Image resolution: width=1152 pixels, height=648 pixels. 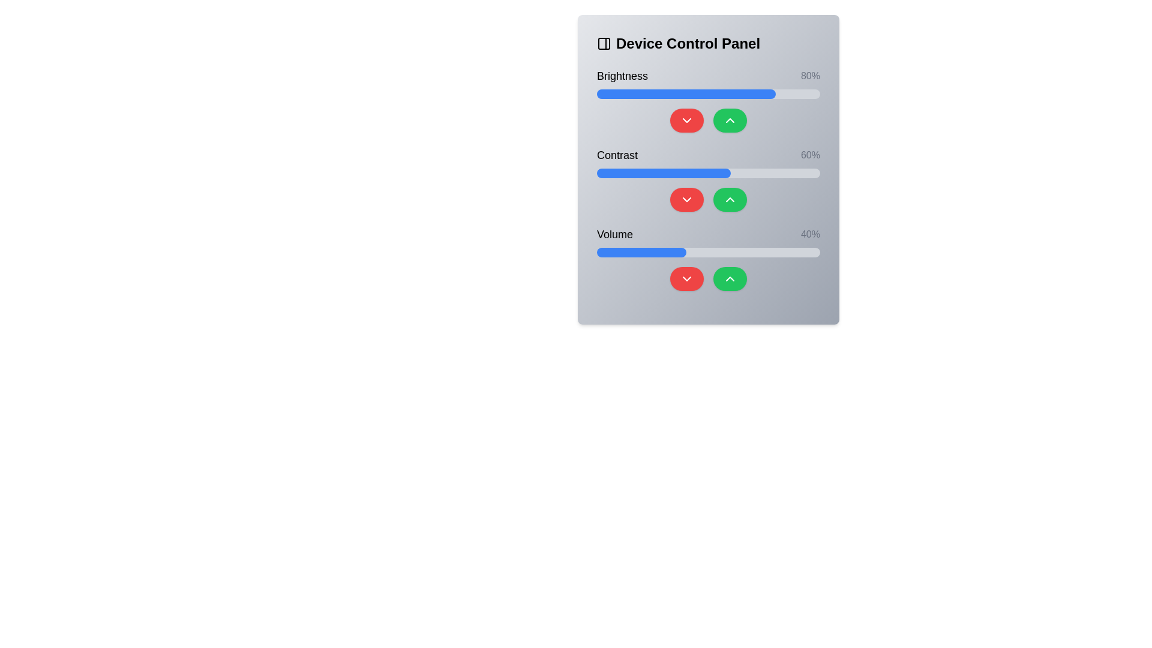 I want to click on the contrast, so click(x=815, y=173).